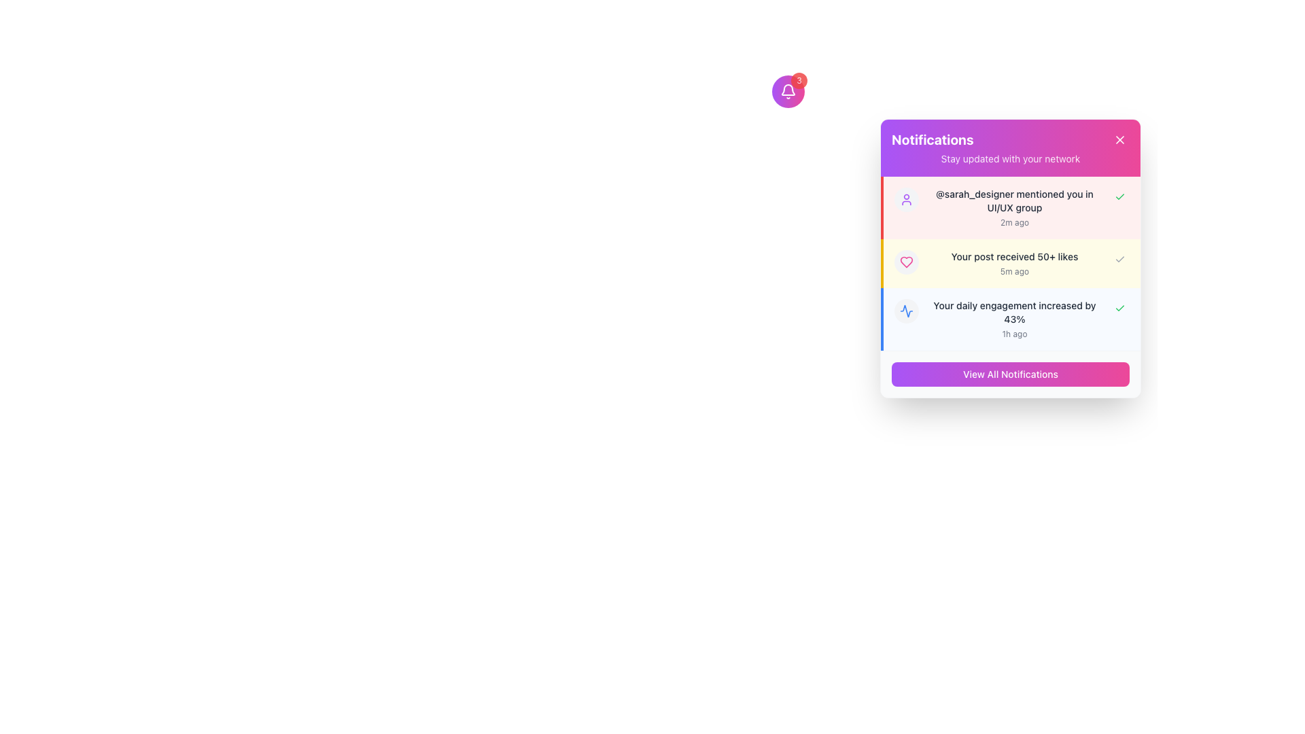  Describe the element at coordinates (788, 90) in the screenshot. I see `the main curved section of the bell icon in the top-right region of the user interface, which represents a notification or alert symbol` at that location.